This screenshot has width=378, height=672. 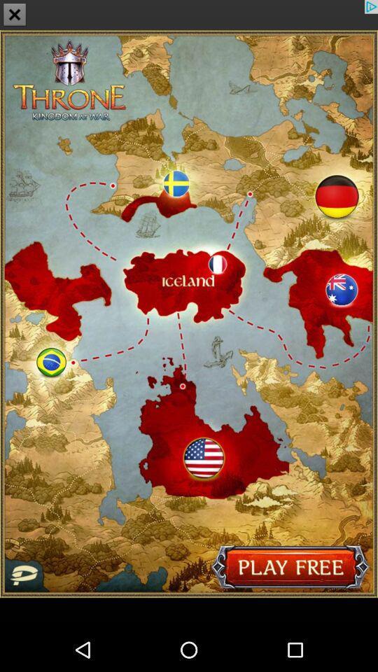 I want to click on the close icon, so click(x=14, y=15).